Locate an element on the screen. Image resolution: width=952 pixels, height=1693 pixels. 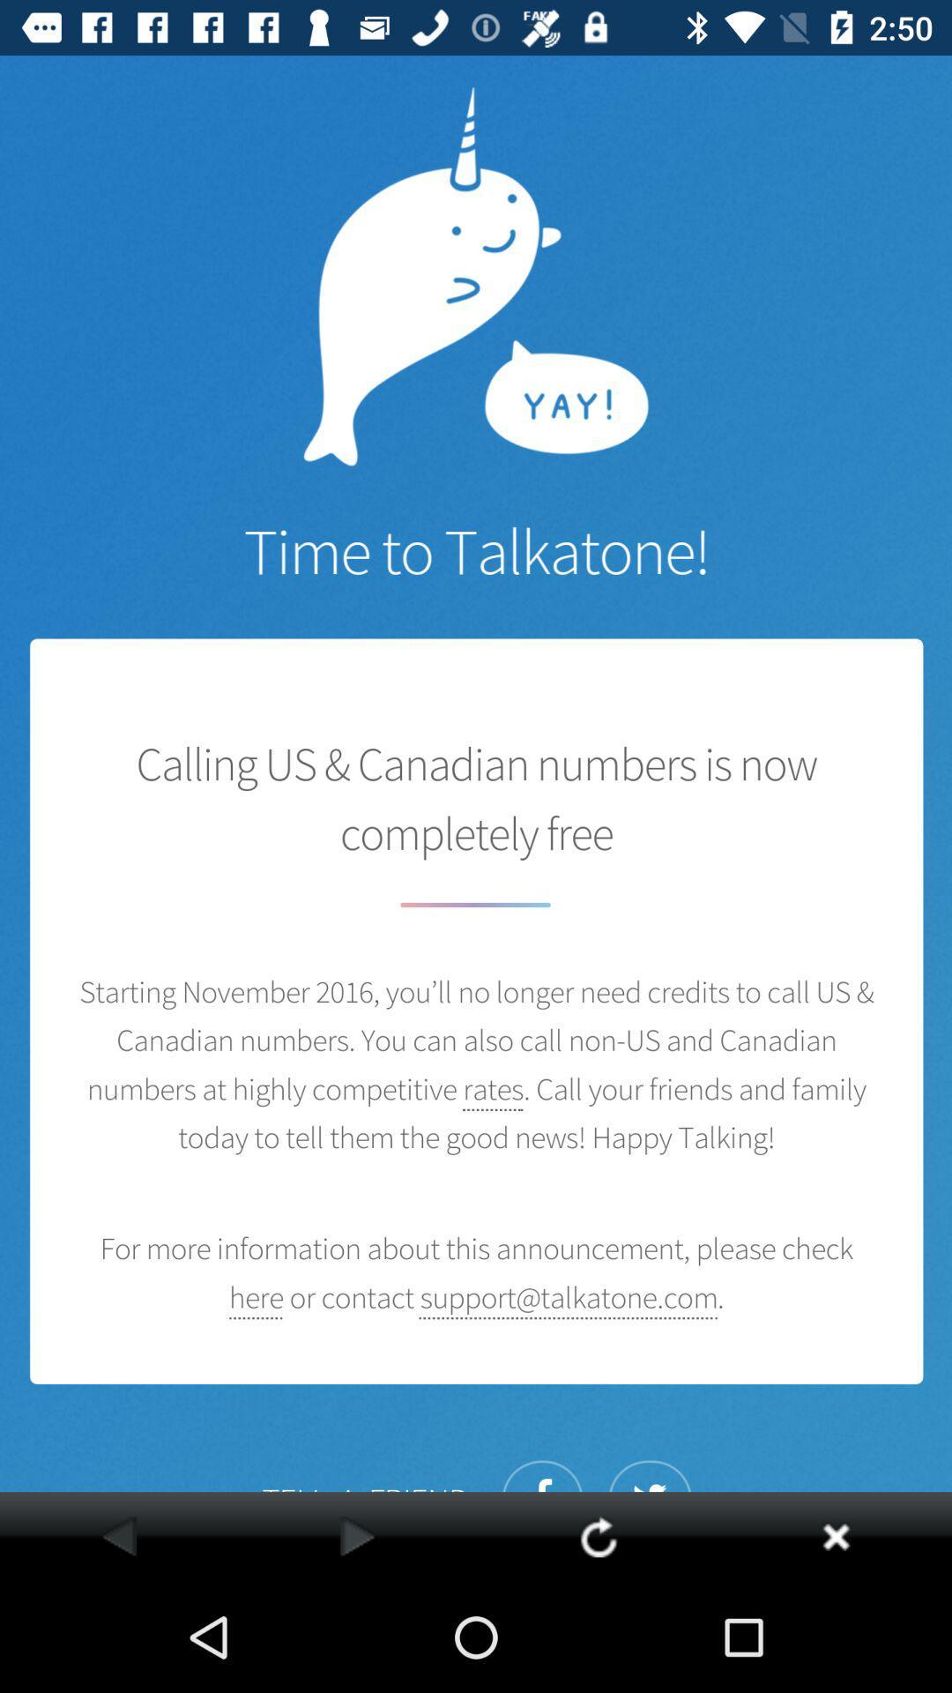
the arrow_backward icon is located at coordinates (119, 1535).